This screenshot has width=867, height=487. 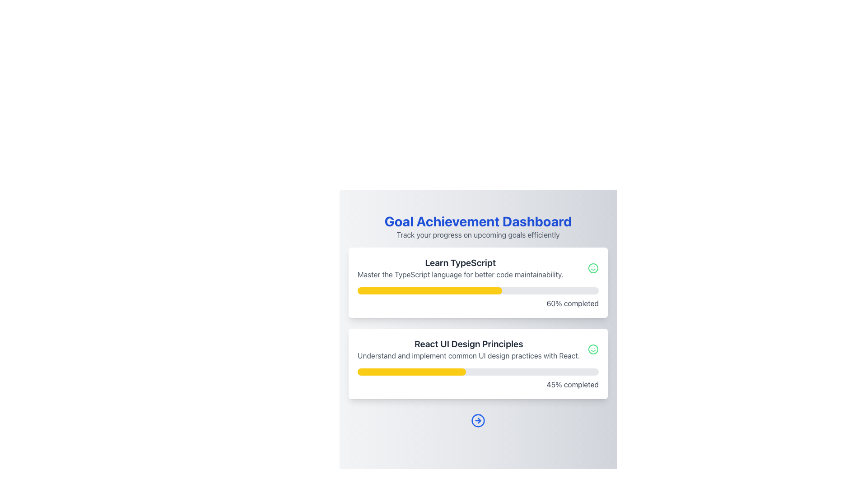 What do you see at coordinates (478, 234) in the screenshot?
I see `the static text that serves as a descriptive subtitle for the dashboard, located directly below 'Goal Achievement Dashboard'` at bounding box center [478, 234].